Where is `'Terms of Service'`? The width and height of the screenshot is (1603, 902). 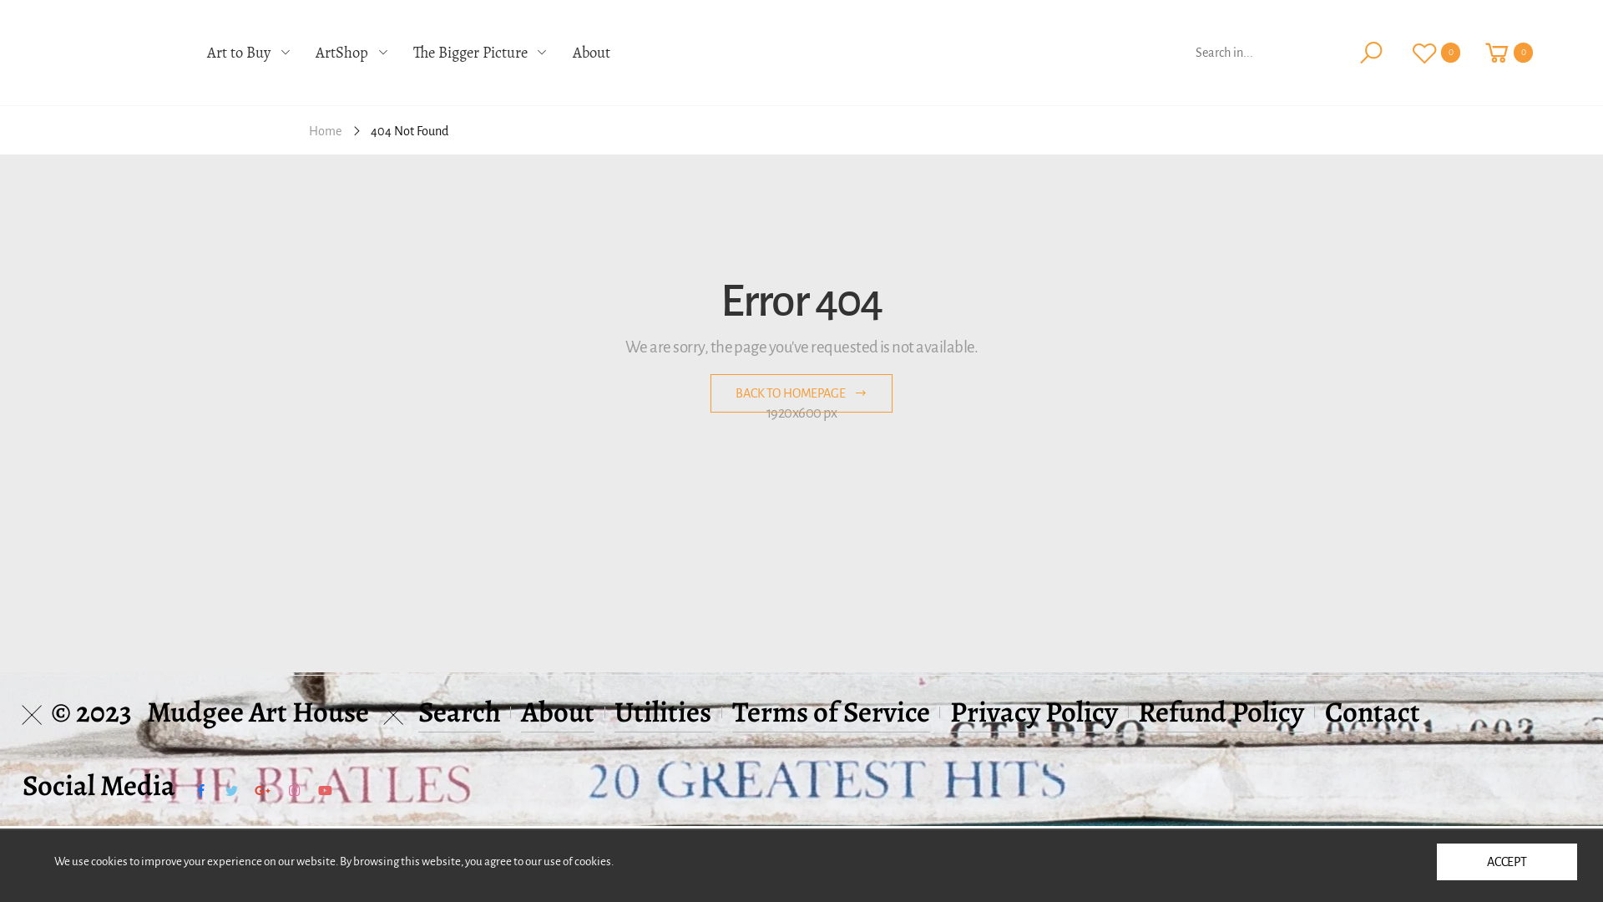
'Terms of Service' is located at coordinates (831, 712).